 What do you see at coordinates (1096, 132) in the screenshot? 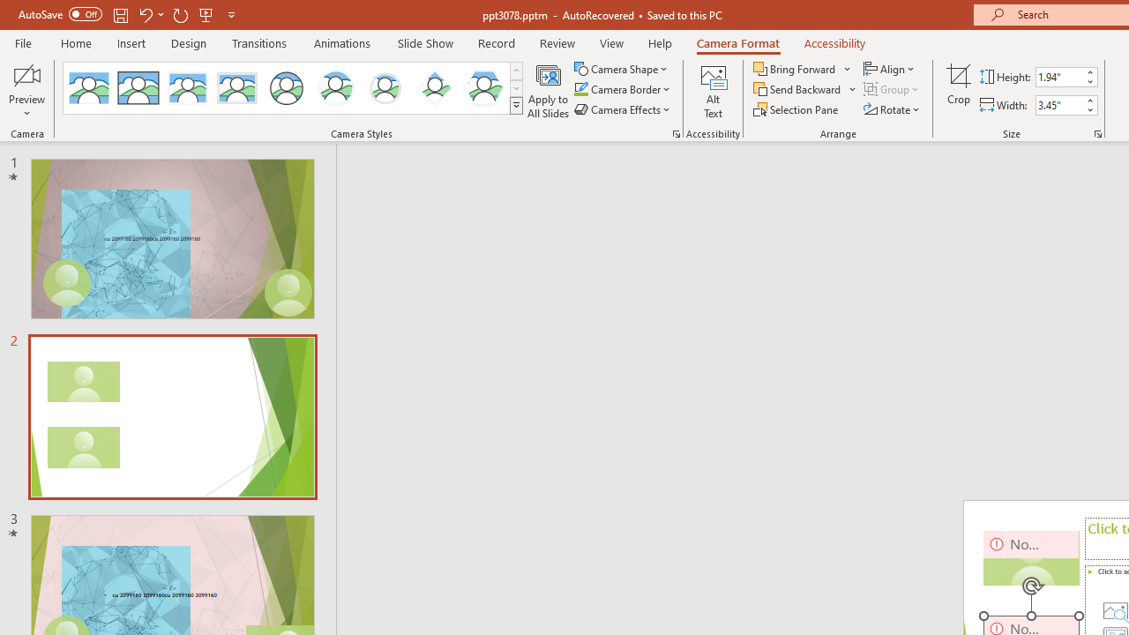
I see `'Size and Position...'` at bounding box center [1096, 132].